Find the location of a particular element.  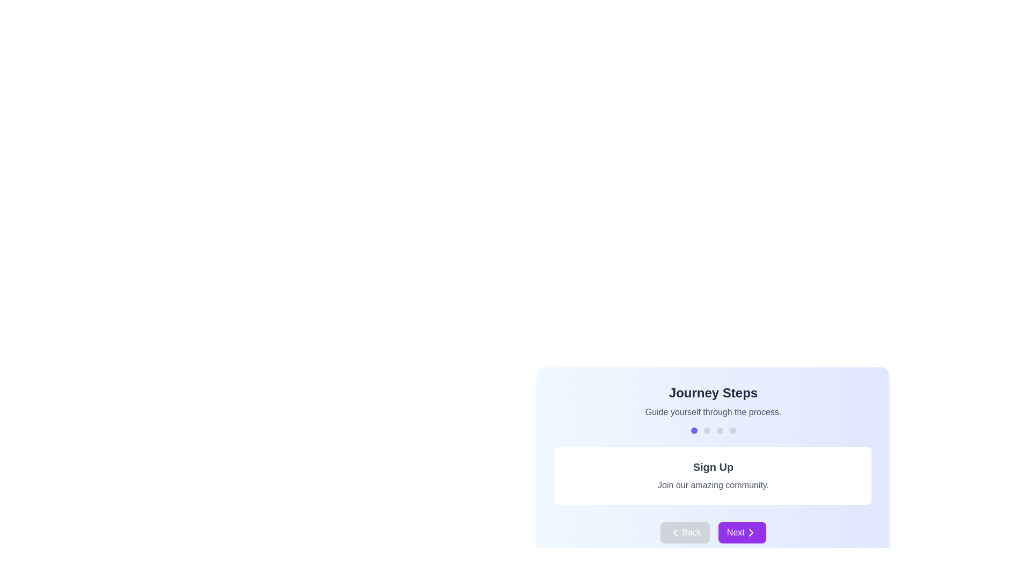

the first progress indicator in the multi-step process tracker, located below the text 'Guide yourself through the process.' and above the 'Sign Up' section is located at coordinates (694, 430).